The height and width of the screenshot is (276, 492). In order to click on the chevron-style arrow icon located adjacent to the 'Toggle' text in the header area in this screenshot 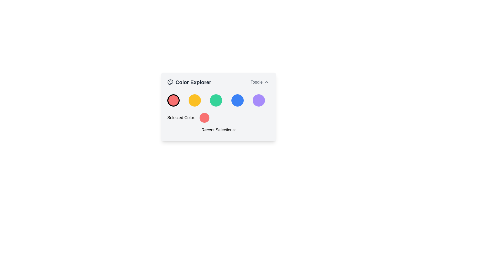, I will do `click(266, 82)`.